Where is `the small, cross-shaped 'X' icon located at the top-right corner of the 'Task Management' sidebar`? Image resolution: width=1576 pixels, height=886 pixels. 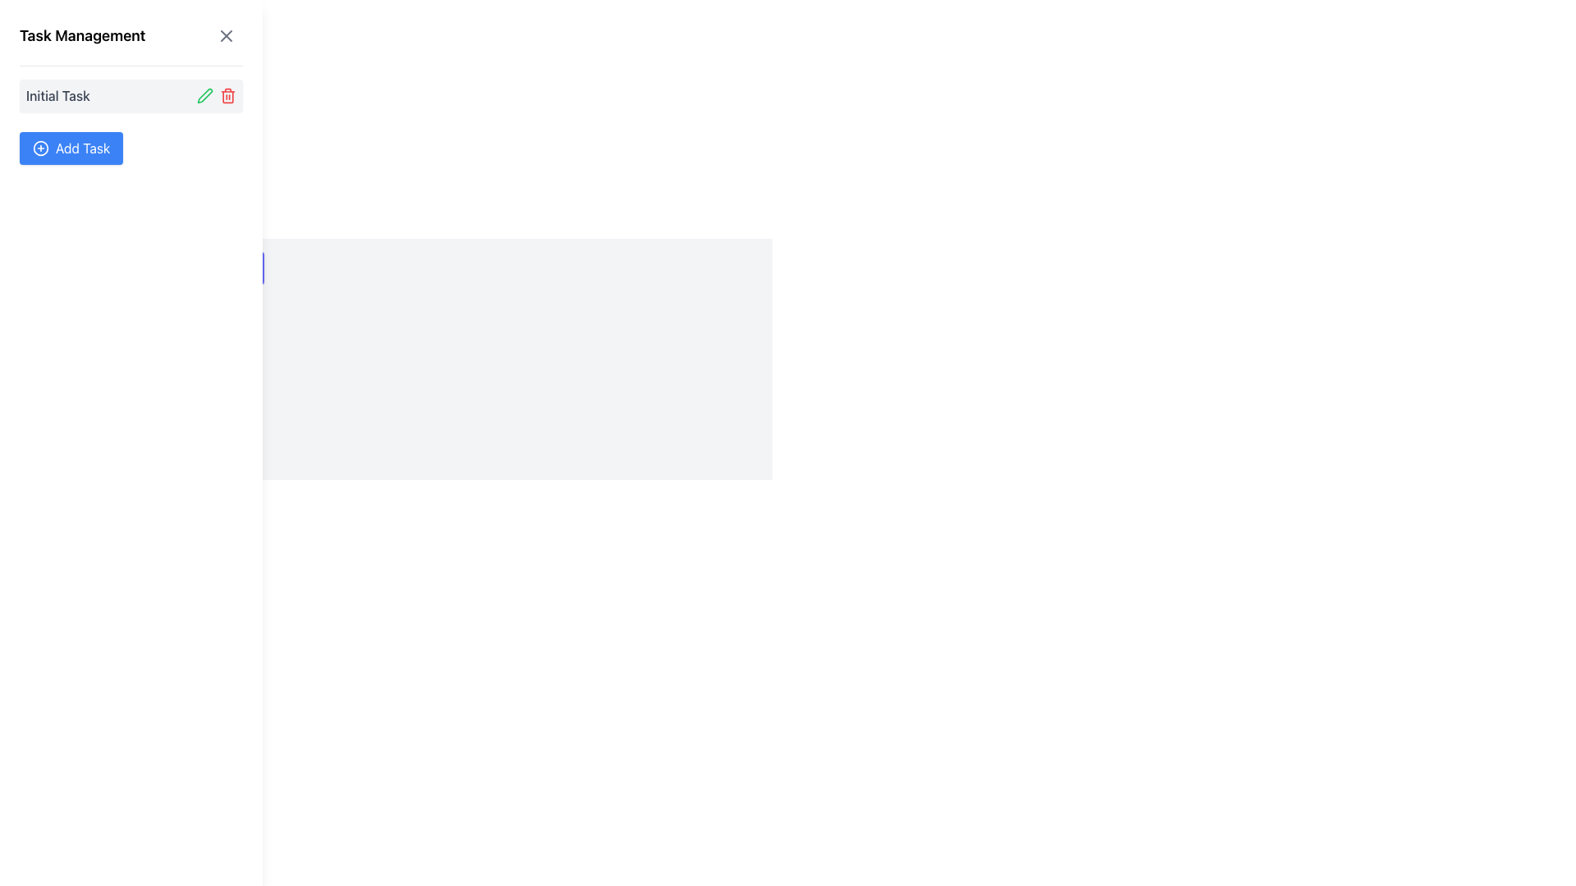
the small, cross-shaped 'X' icon located at the top-right corner of the 'Task Management' sidebar is located at coordinates (225, 35).